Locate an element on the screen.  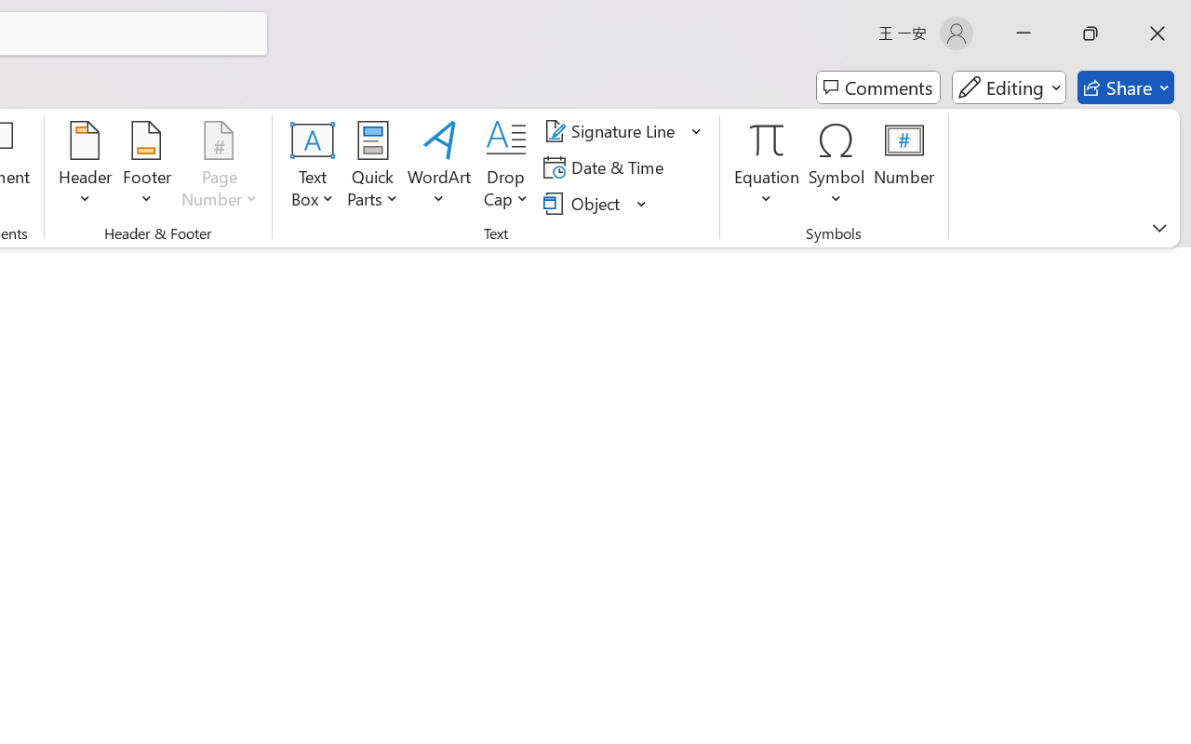
'Text Box' is located at coordinates (313, 166).